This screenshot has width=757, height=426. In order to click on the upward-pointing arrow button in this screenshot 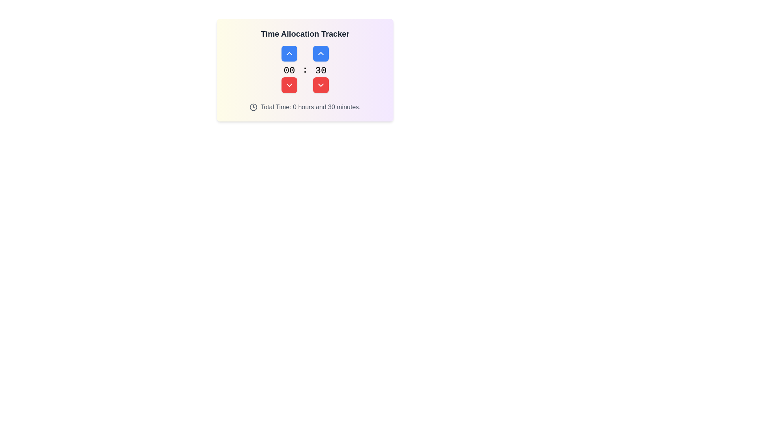, I will do `click(321, 53)`.